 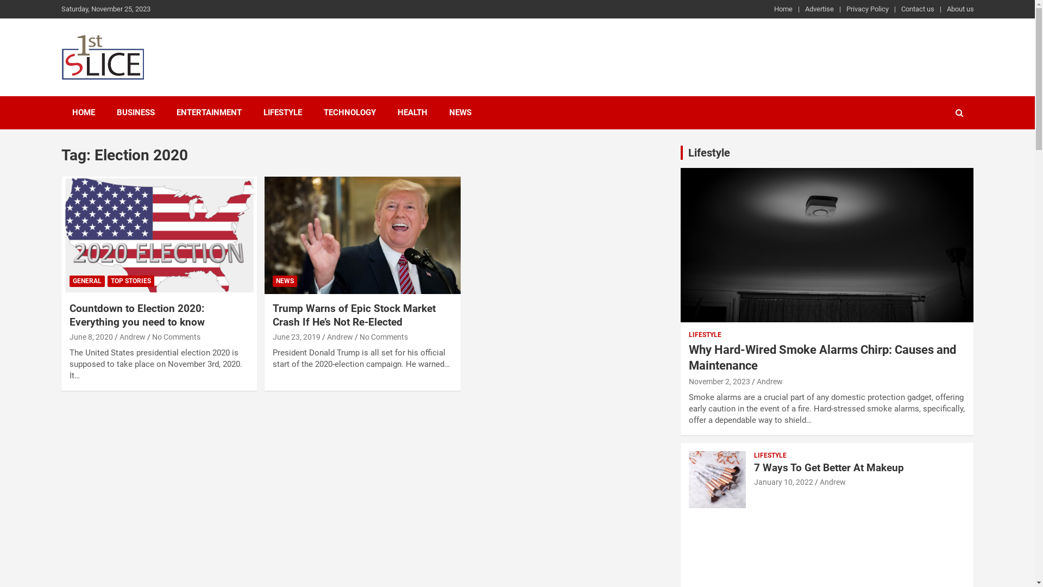 What do you see at coordinates (273, 336) in the screenshot?
I see `'June 23, 2019'` at bounding box center [273, 336].